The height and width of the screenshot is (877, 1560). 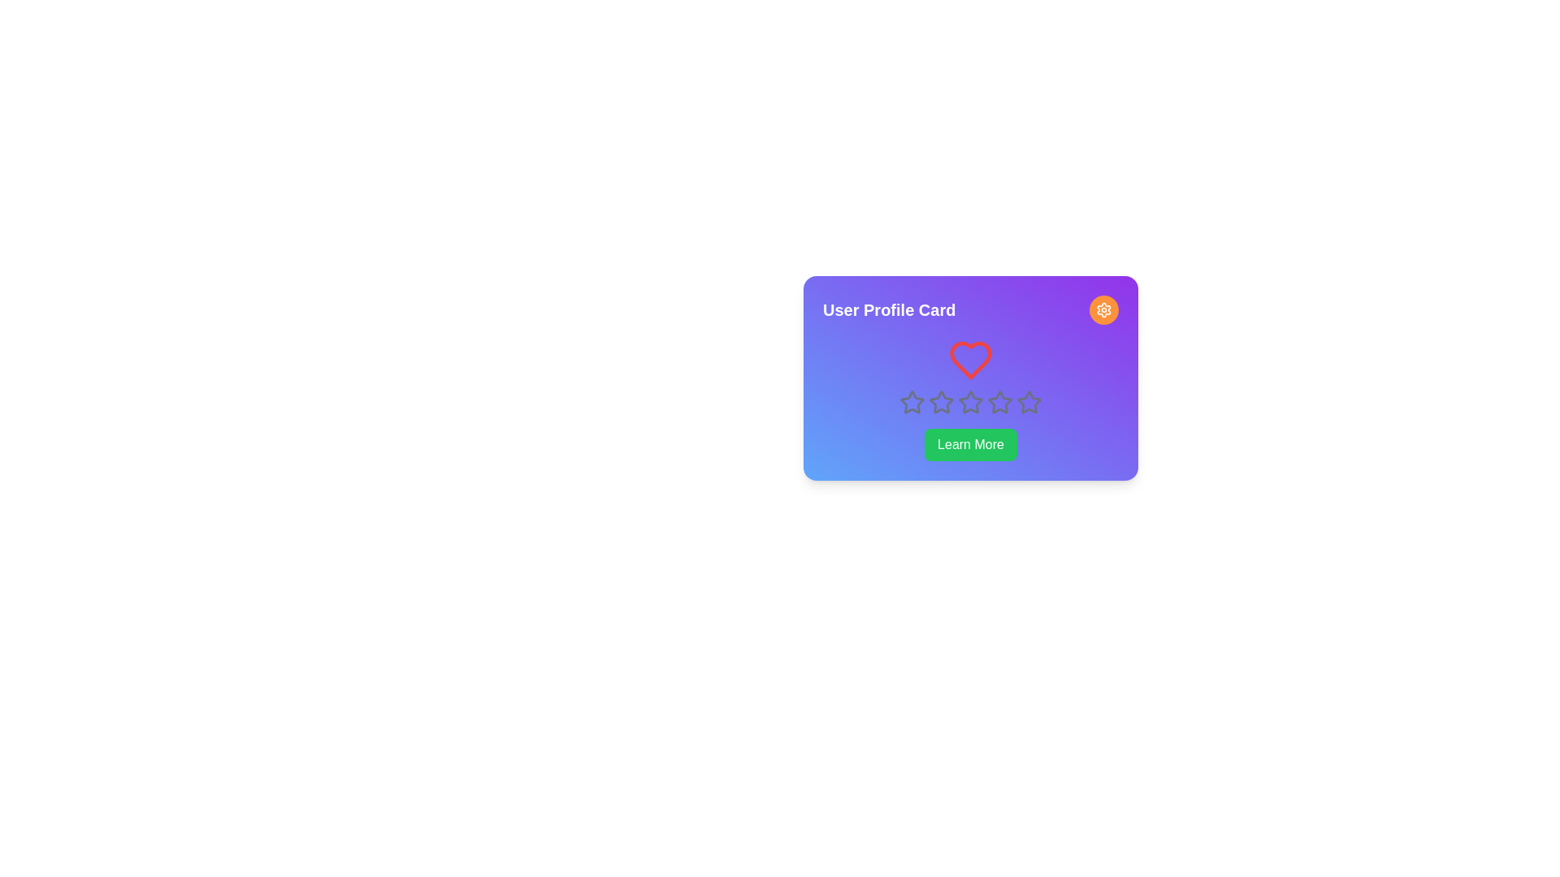 What do you see at coordinates (941, 402) in the screenshot?
I see `the third star in the rating system of the User Profile Card to rate it` at bounding box center [941, 402].